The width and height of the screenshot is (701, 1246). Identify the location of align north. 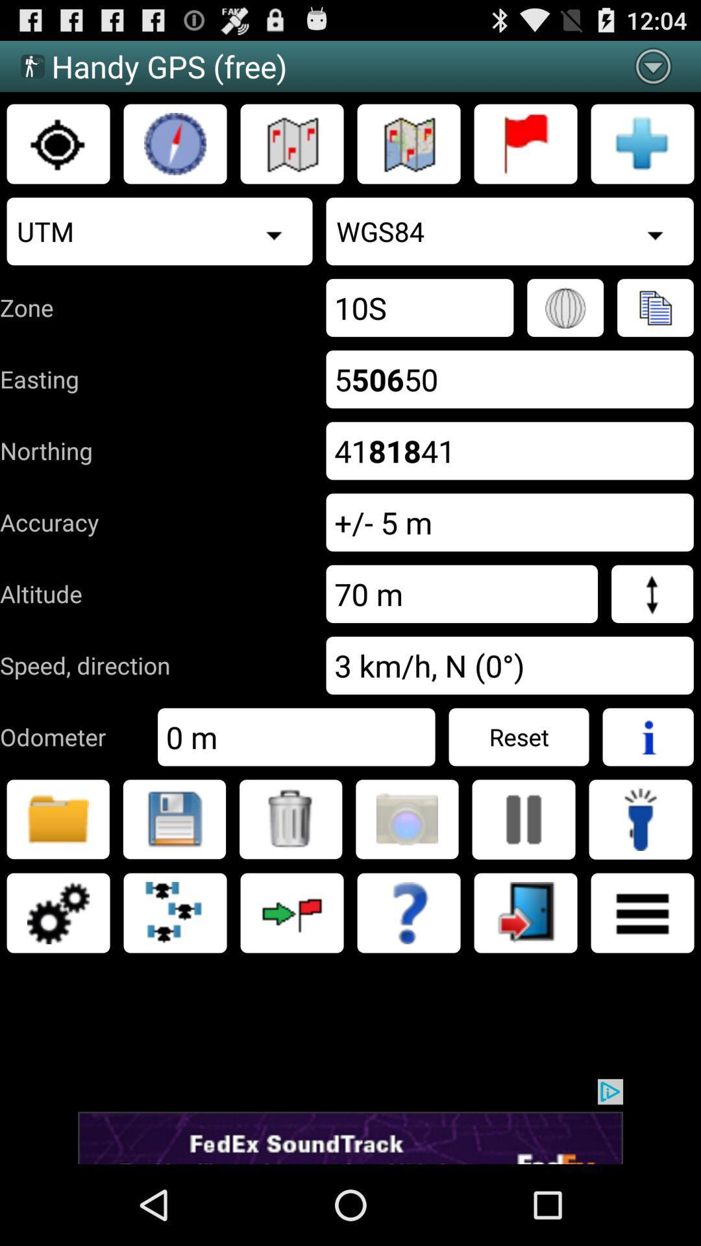
(175, 143).